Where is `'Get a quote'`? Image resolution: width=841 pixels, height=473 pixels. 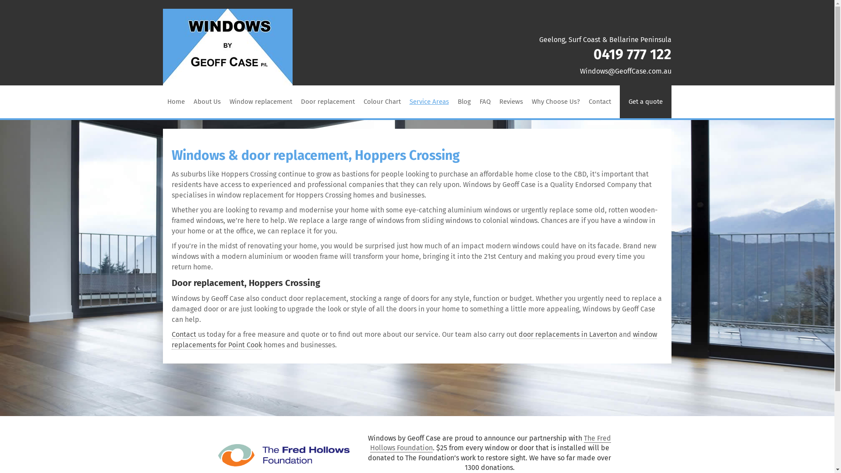
'Get a quote' is located at coordinates (645, 101).